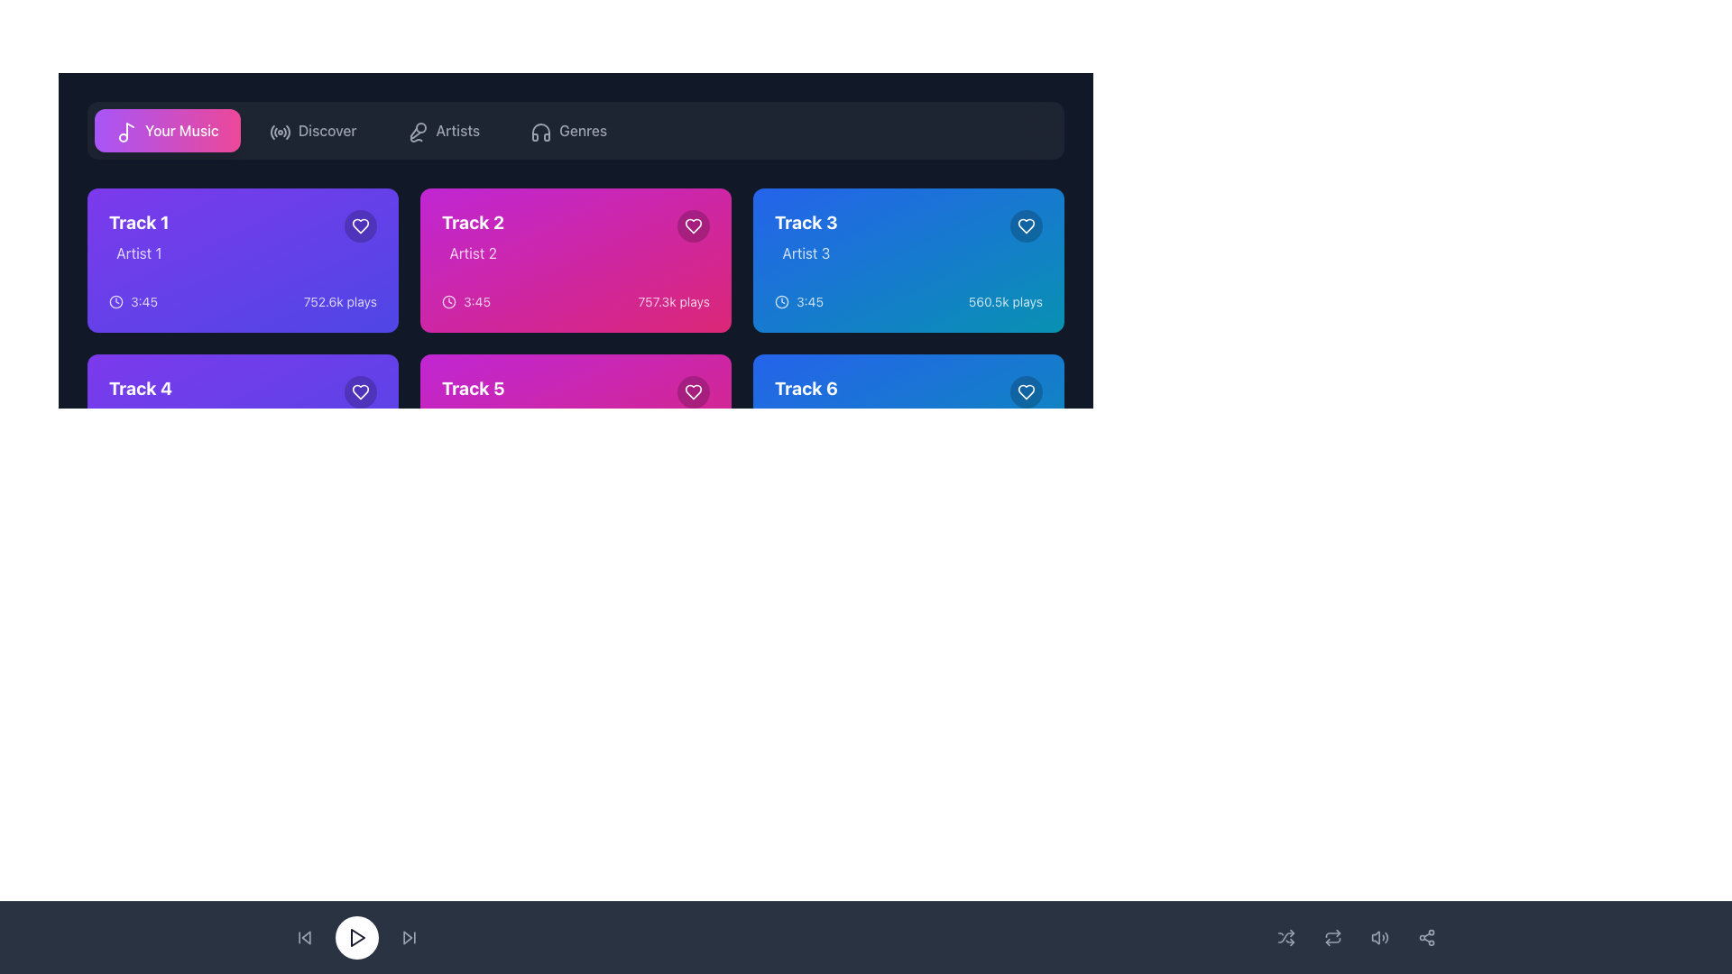 This screenshot has width=1732, height=974. Describe the element at coordinates (567, 130) in the screenshot. I see `the music genres button located` at that location.